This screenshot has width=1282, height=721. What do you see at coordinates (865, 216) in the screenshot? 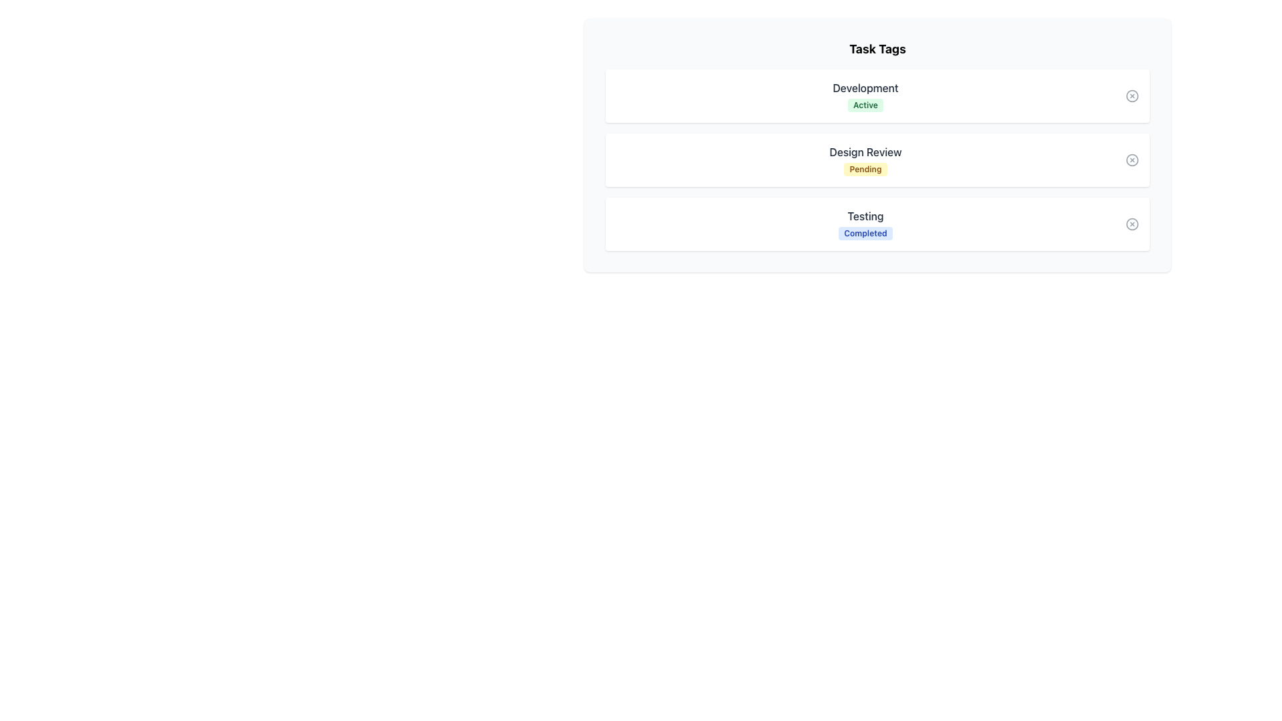
I see `the Text Label that defines the task 'Testing' within the Task Tags section by moving the cursor to its center point` at bounding box center [865, 216].